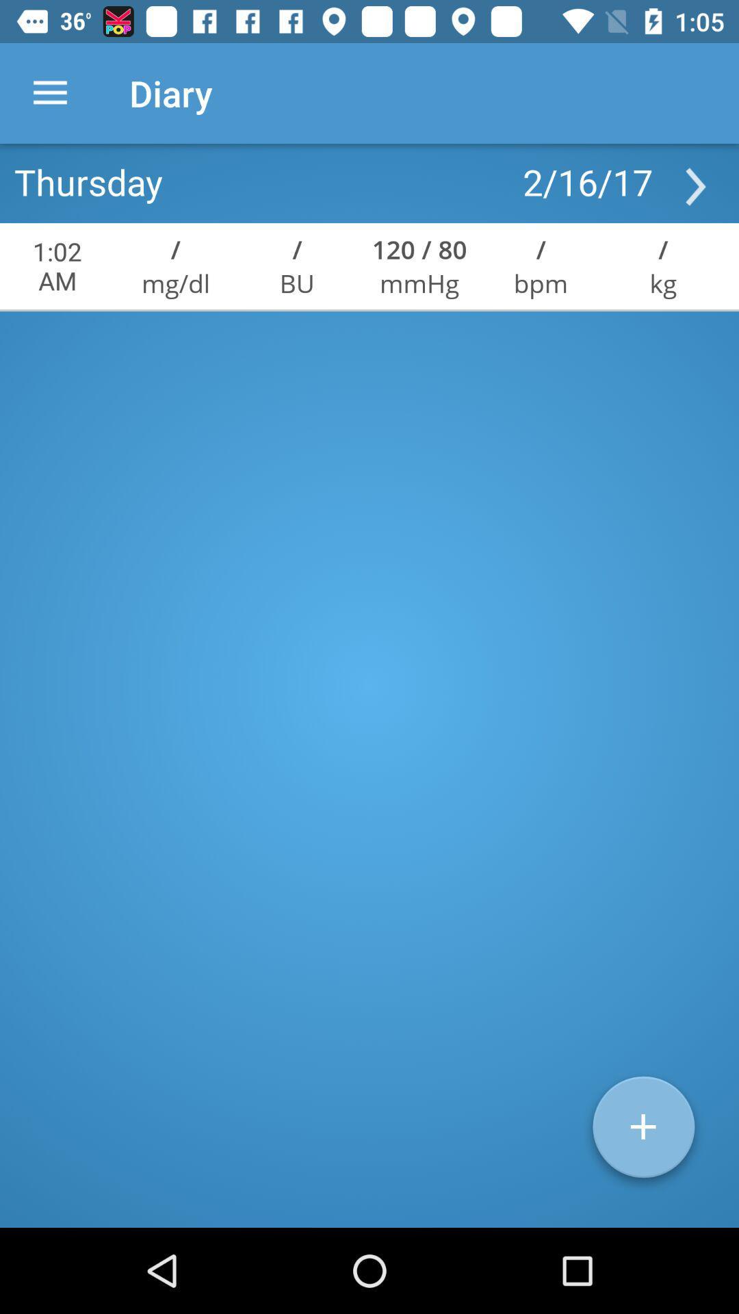  What do you see at coordinates (643, 1132) in the screenshot?
I see `the add icon` at bounding box center [643, 1132].